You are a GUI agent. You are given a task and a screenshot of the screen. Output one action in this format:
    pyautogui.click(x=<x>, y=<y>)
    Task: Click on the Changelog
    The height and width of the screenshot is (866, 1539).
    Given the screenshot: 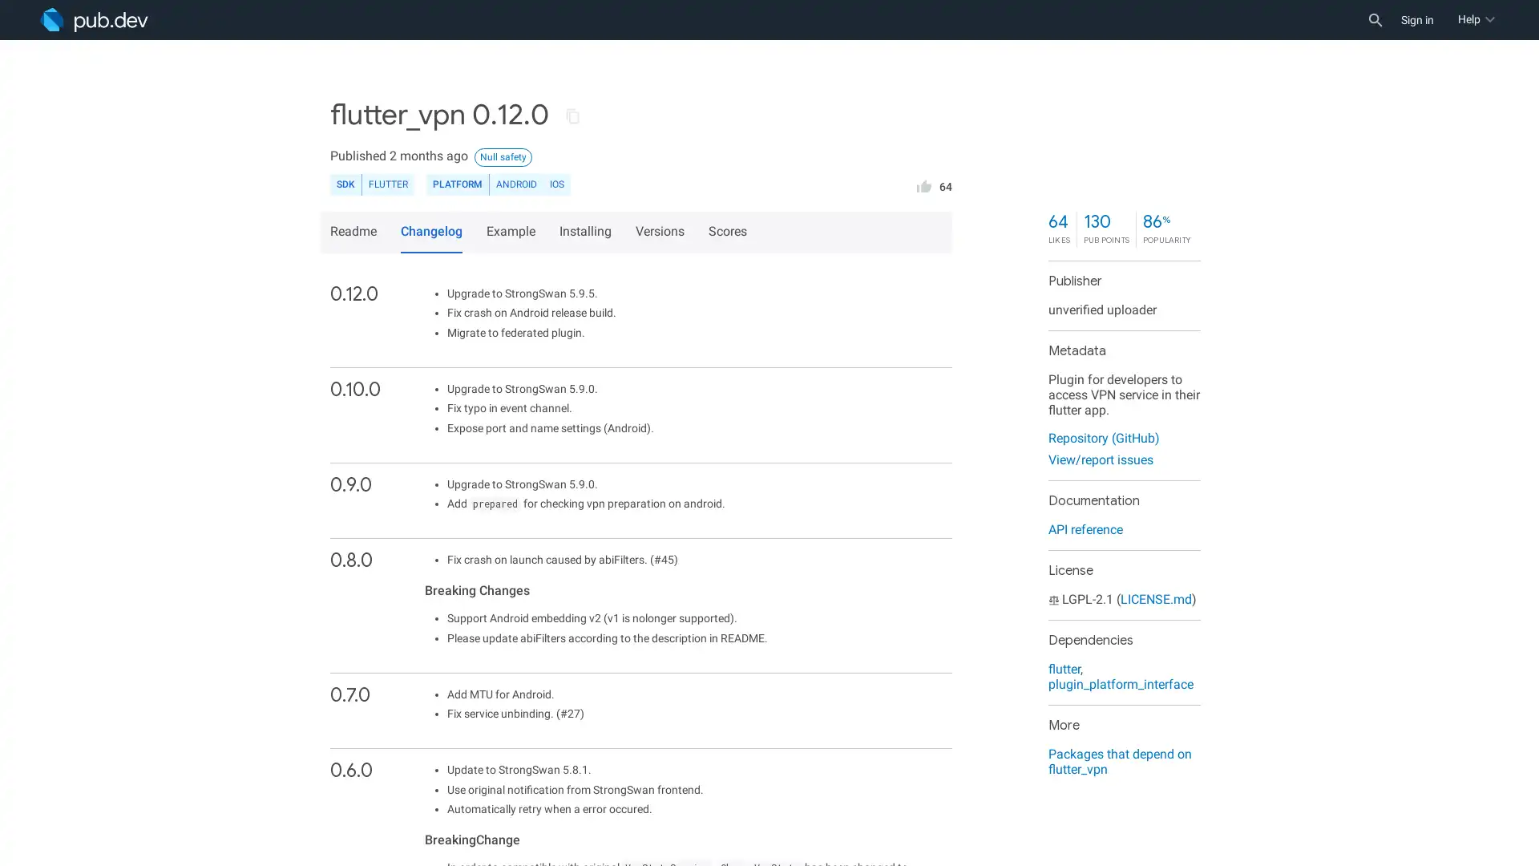 What is the action you would take?
    pyautogui.click(x=431, y=232)
    